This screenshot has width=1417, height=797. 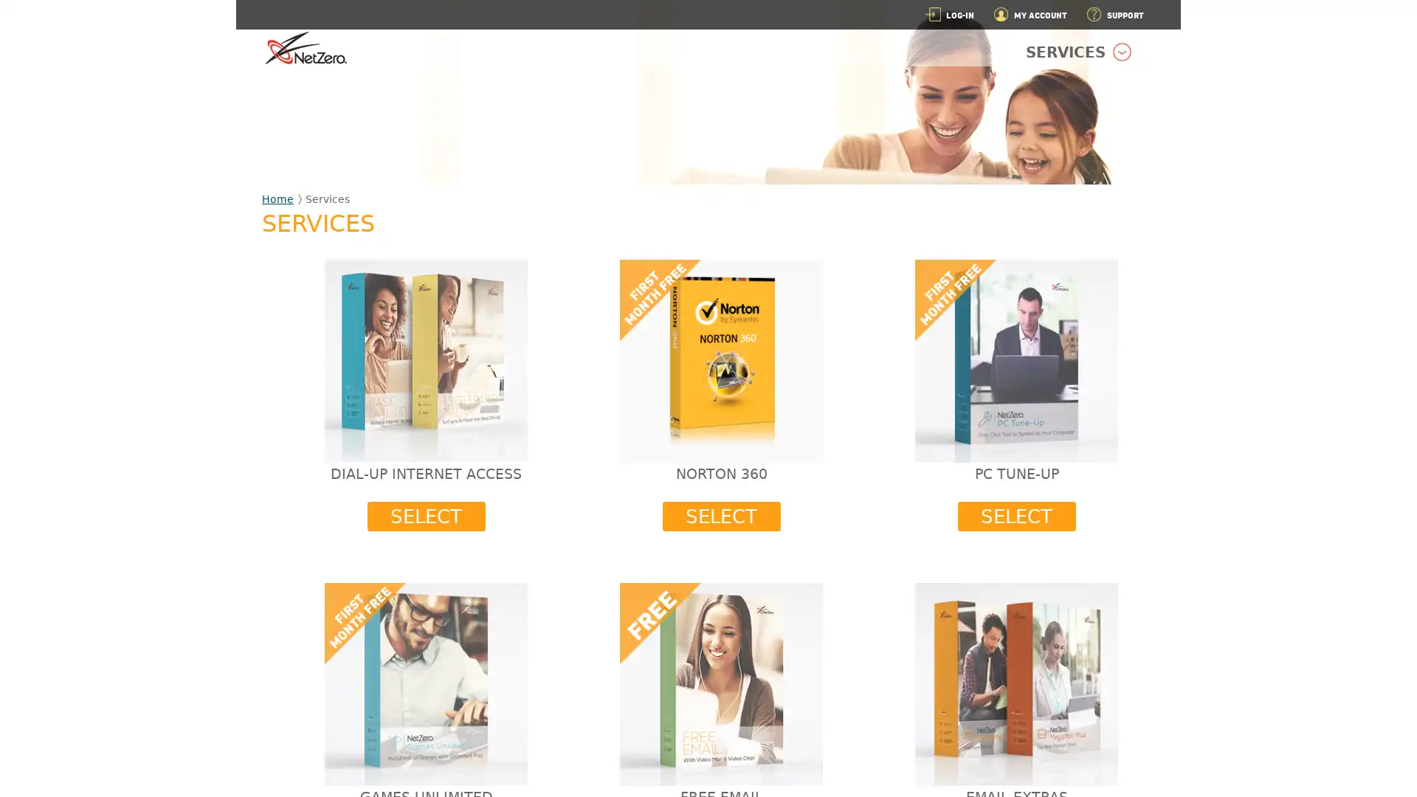 What do you see at coordinates (721, 515) in the screenshot?
I see `SELECT` at bounding box center [721, 515].